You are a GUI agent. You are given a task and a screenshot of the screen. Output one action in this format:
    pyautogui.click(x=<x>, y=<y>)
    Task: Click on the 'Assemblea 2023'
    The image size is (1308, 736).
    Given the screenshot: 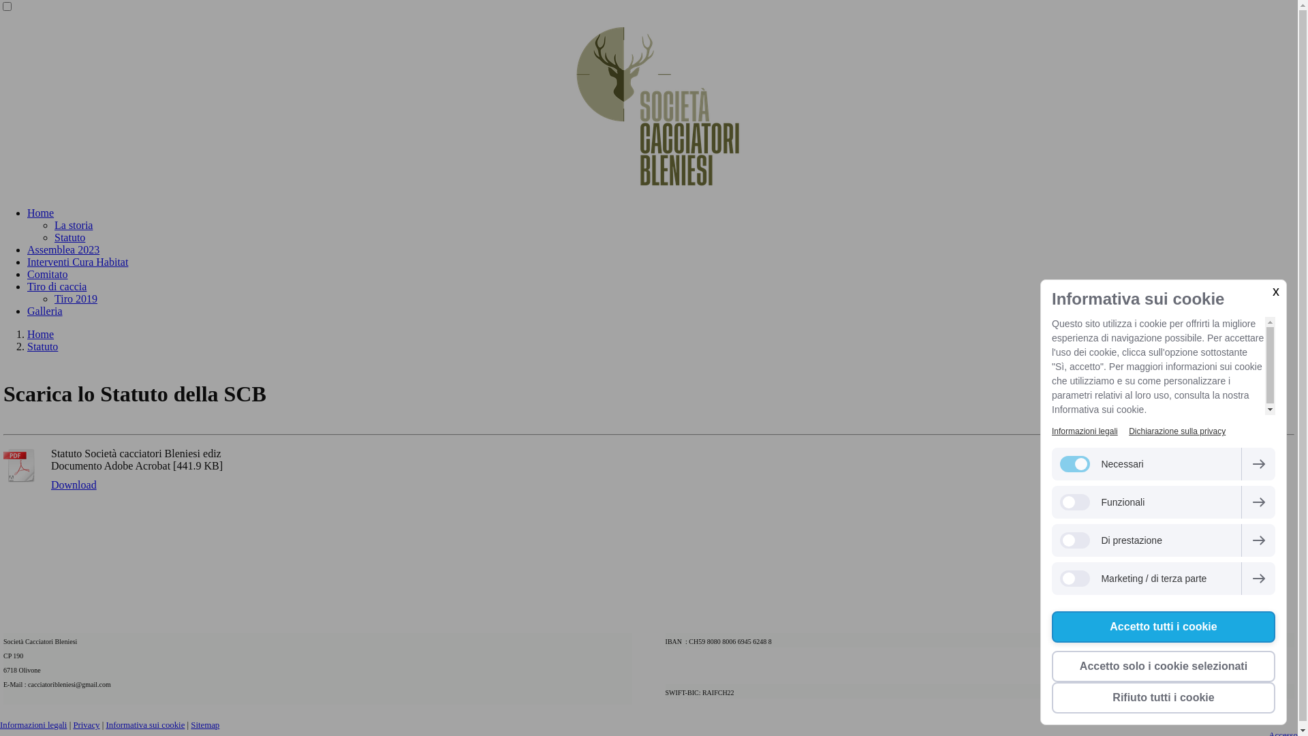 What is the action you would take?
    pyautogui.click(x=62, y=249)
    